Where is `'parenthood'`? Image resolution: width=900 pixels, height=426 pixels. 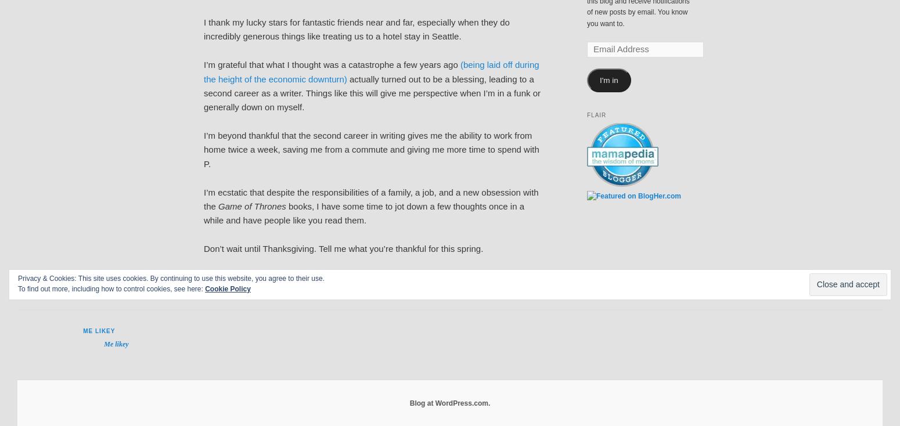 'parenthood' is located at coordinates (275, 275).